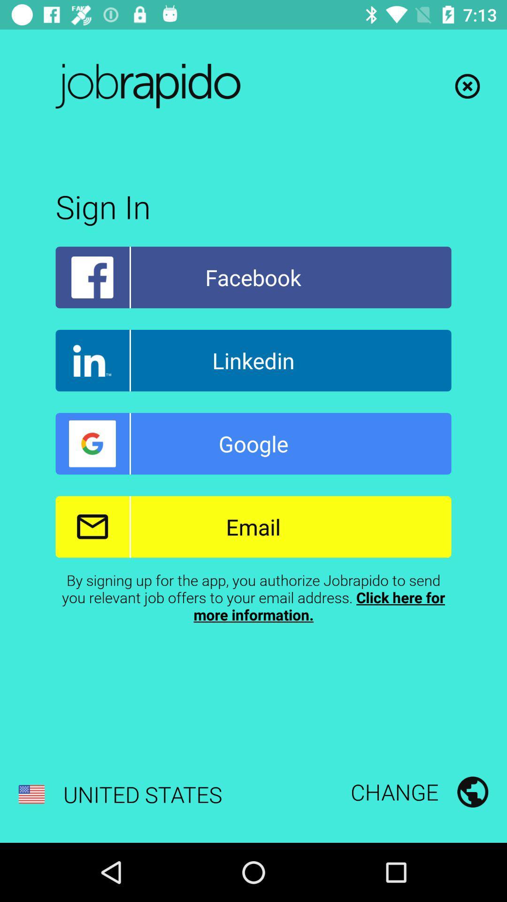 The width and height of the screenshot is (507, 902). What do you see at coordinates (419, 791) in the screenshot?
I see `the icon to the right of united states` at bounding box center [419, 791].